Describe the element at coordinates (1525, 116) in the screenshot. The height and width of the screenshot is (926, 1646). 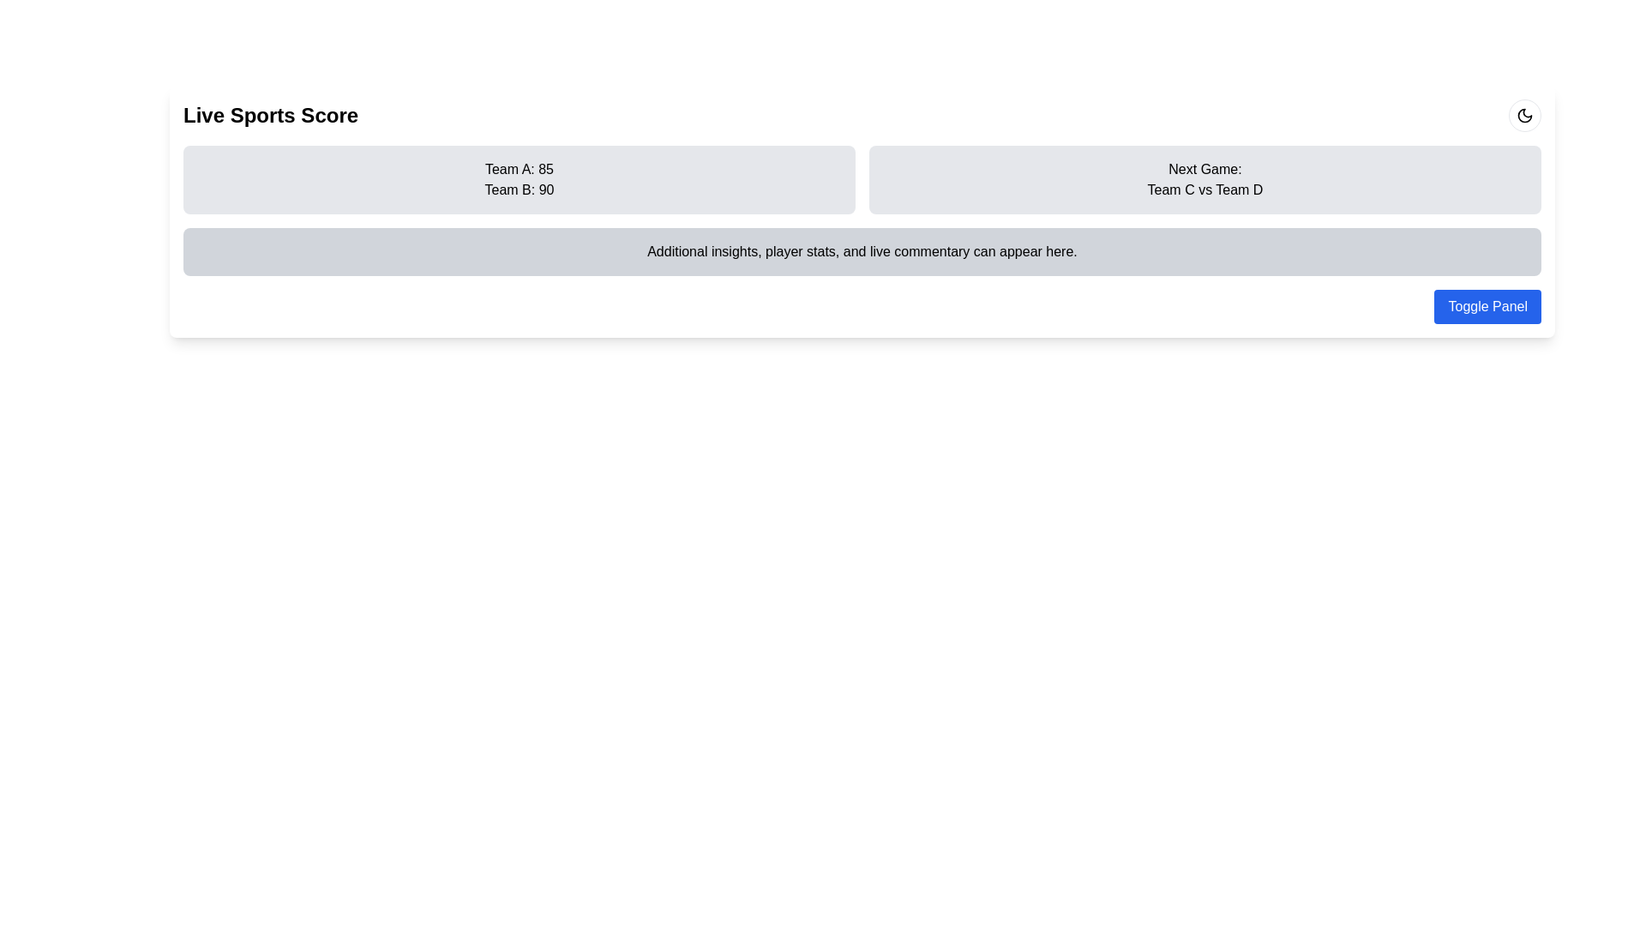
I see `the crescent moon icon located in the top-right corner of the panel, which serves as a toggle for night mode or settings` at that location.